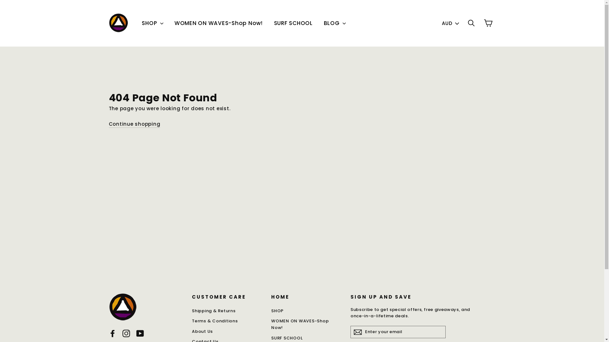 The width and height of the screenshot is (609, 342). I want to click on 'Instagram', so click(126, 333).